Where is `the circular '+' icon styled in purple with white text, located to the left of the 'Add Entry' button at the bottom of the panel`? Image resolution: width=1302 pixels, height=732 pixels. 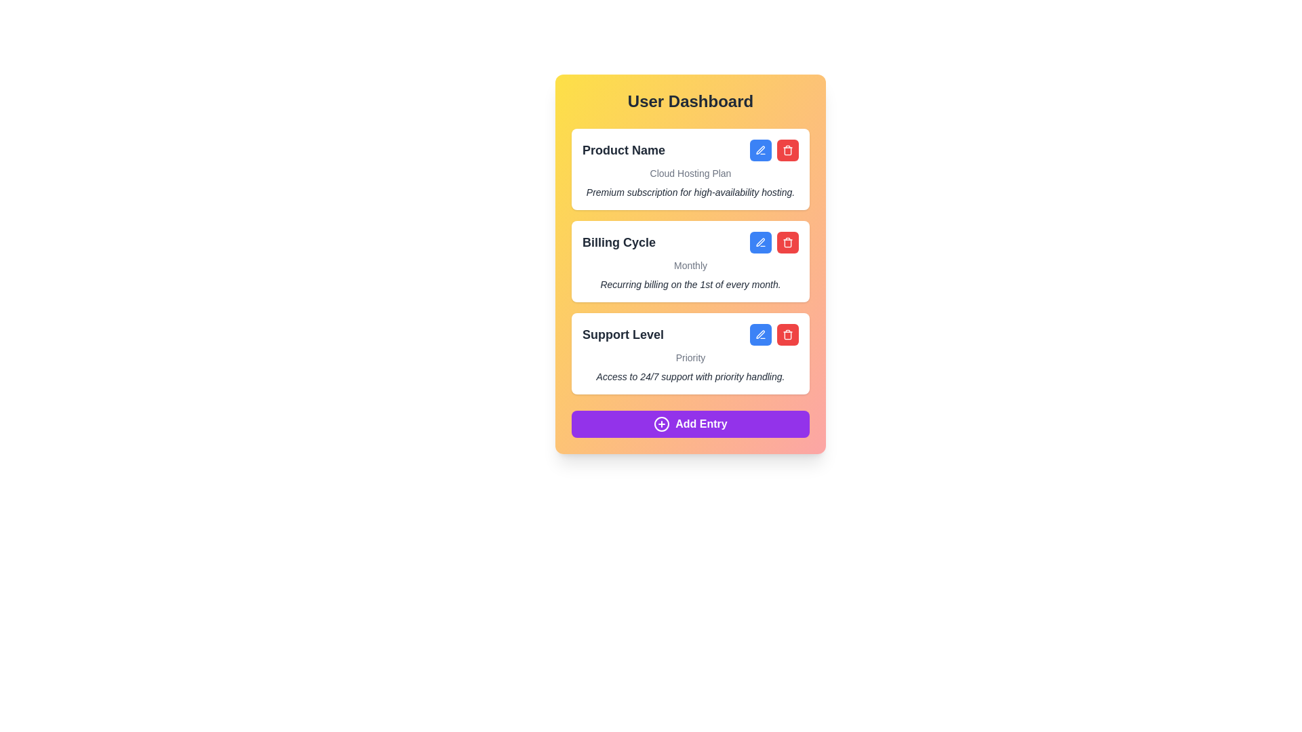 the circular '+' icon styled in purple with white text, located to the left of the 'Add Entry' button at the bottom of the panel is located at coordinates (662, 423).